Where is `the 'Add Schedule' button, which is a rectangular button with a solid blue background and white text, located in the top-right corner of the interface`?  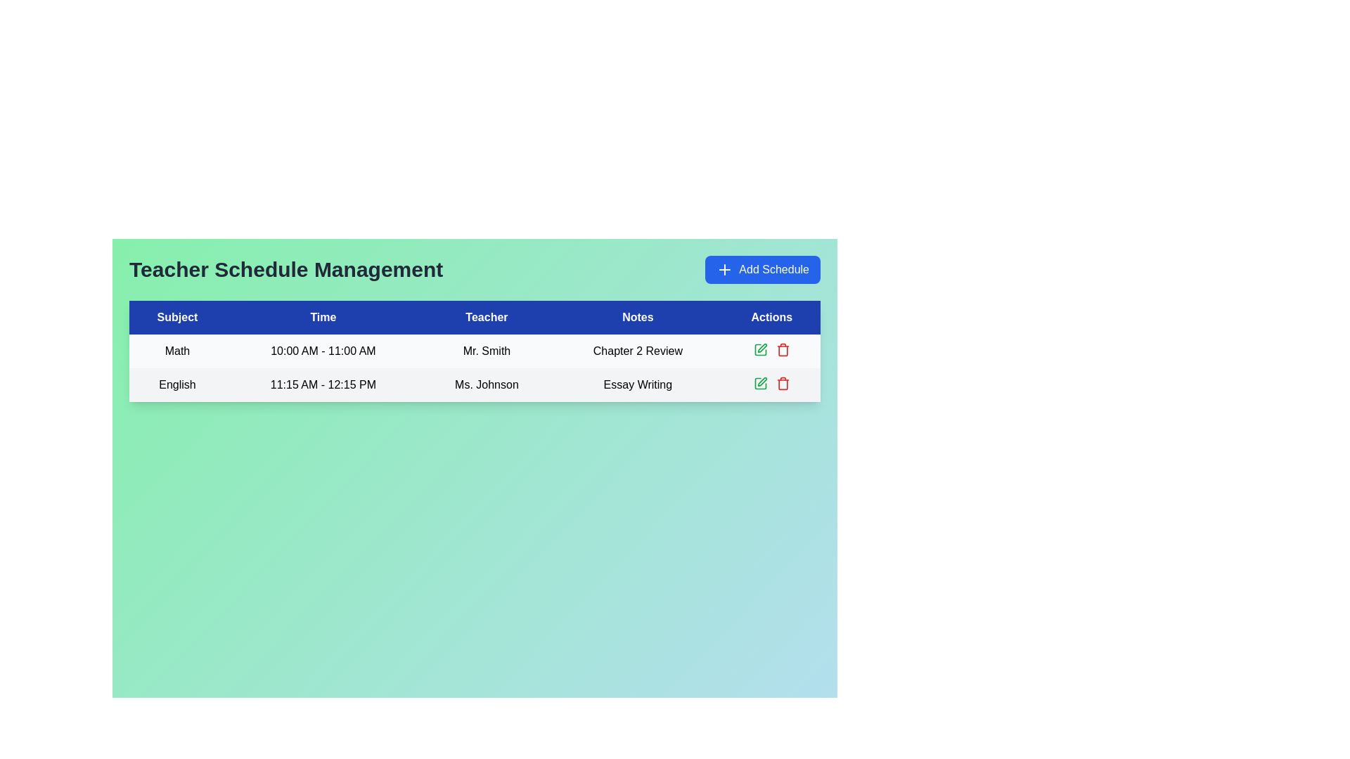
the 'Add Schedule' button, which is a rectangular button with a solid blue background and white text, located in the top-right corner of the interface is located at coordinates (762, 270).